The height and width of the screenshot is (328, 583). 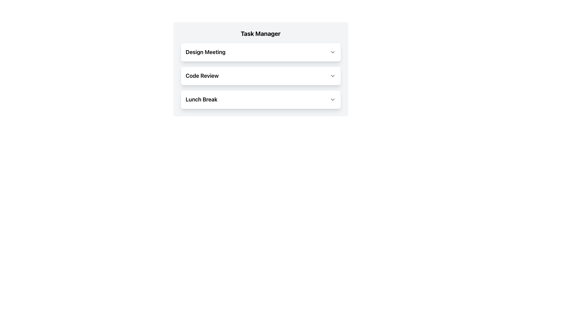 I want to click on the chevron-down icon on the right end of the 'Code Review' row in the 'Task Manager' section, so click(x=332, y=76).